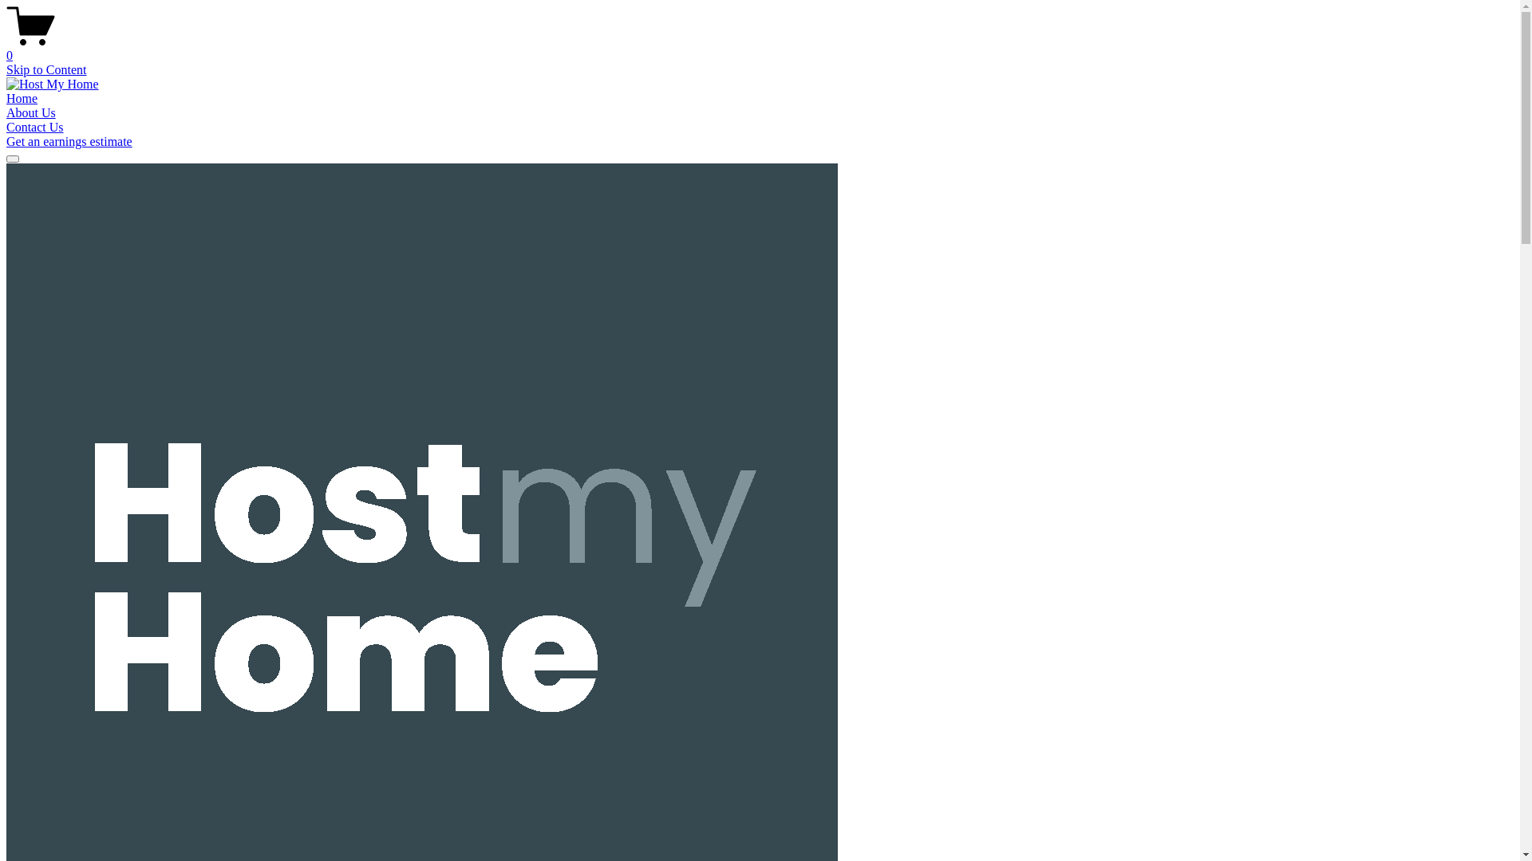 The height and width of the screenshot is (861, 1532). What do you see at coordinates (68, 140) in the screenshot?
I see `'Get an earnings estimate'` at bounding box center [68, 140].